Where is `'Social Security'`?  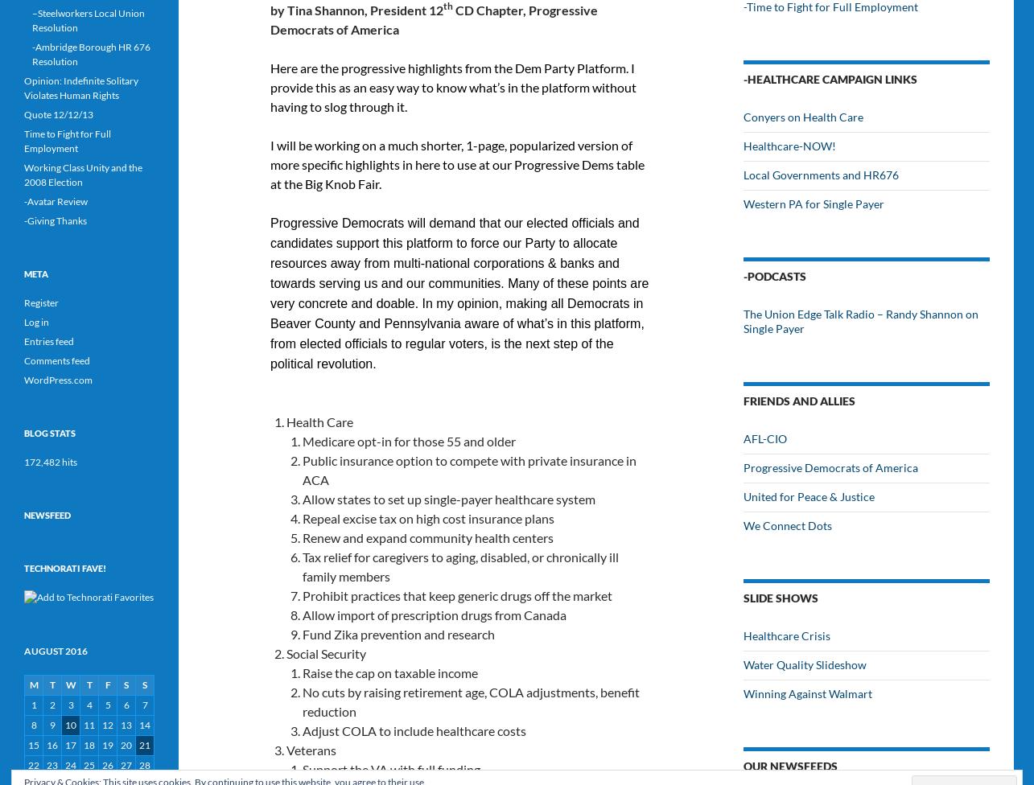 'Social Security' is located at coordinates (325, 652).